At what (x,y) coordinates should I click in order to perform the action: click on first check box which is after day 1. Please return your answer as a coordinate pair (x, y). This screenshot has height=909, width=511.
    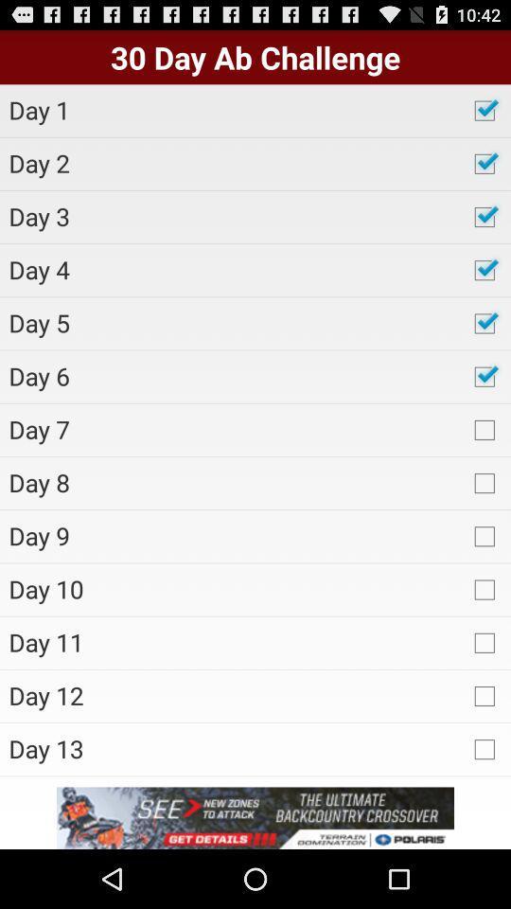
    Looking at the image, I should click on (484, 111).